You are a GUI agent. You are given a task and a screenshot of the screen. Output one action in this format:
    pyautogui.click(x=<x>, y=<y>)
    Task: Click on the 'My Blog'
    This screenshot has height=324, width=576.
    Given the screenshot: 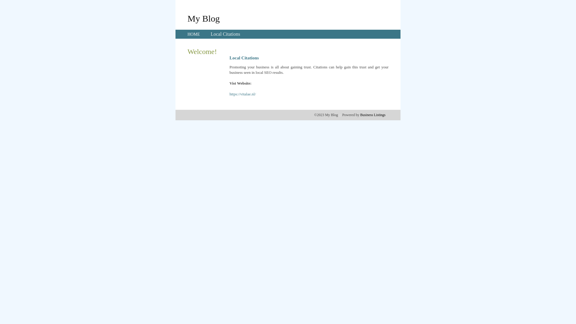 What is the action you would take?
    pyautogui.click(x=187, y=18)
    